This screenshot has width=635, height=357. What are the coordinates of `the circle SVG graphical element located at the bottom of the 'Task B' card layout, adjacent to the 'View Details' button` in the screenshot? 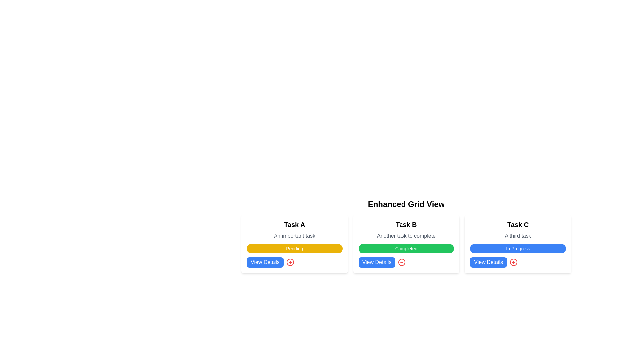 It's located at (402, 262).